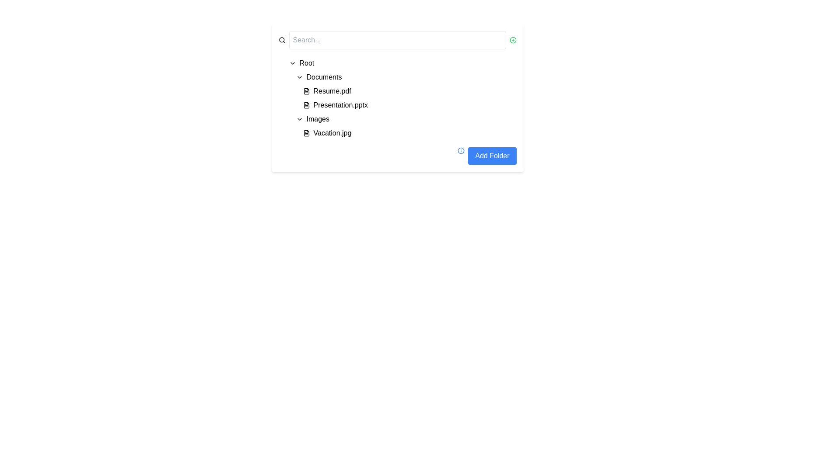 The height and width of the screenshot is (472, 840). Describe the element at coordinates (407, 104) in the screenshot. I see `to select the file entry named 'Presentation.pptx', which is the second item under the 'Documents' section in the folder structure interface` at that location.